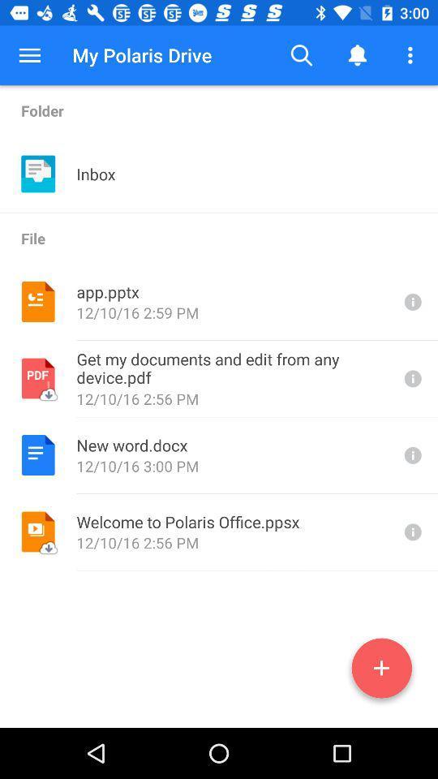 This screenshot has width=438, height=779. Describe the element at coordinates (411, 378) in the screenshot. I see `info about pdf` at that location.